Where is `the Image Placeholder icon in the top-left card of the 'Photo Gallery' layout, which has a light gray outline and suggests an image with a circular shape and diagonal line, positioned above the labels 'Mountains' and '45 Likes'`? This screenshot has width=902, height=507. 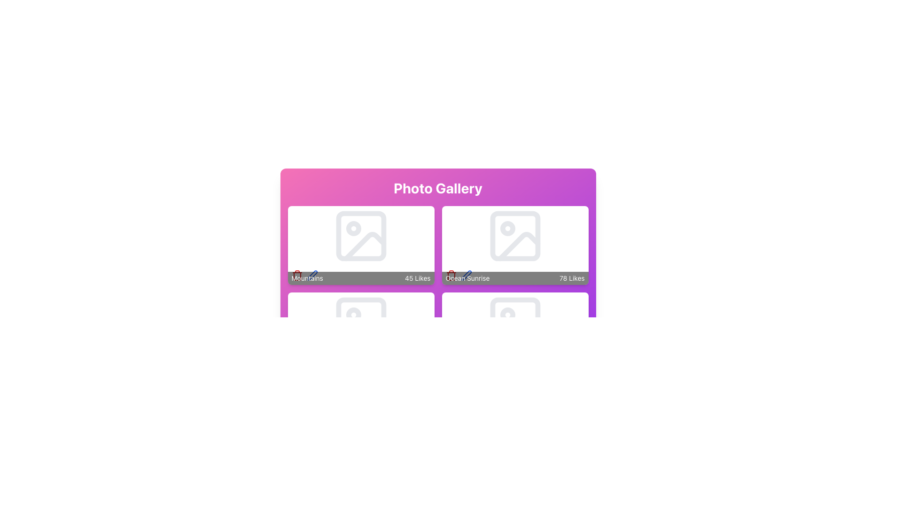
the Image Placeholder icon in the top-left card of the 'Photo Gallery' layout, which has a light gray outline and suggests an image with a circular shape and diagonal line, positioned above the labels 'Mountains' and '45 Likes' is located at coordinates (360, 235).